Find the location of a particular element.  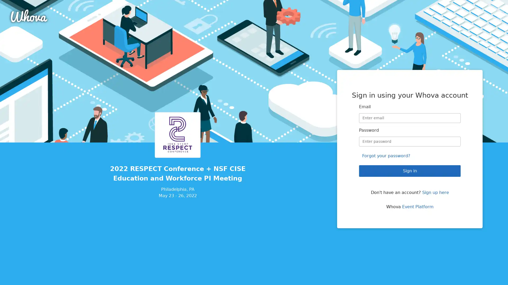

Sign in is located at coordinates (410, 171).